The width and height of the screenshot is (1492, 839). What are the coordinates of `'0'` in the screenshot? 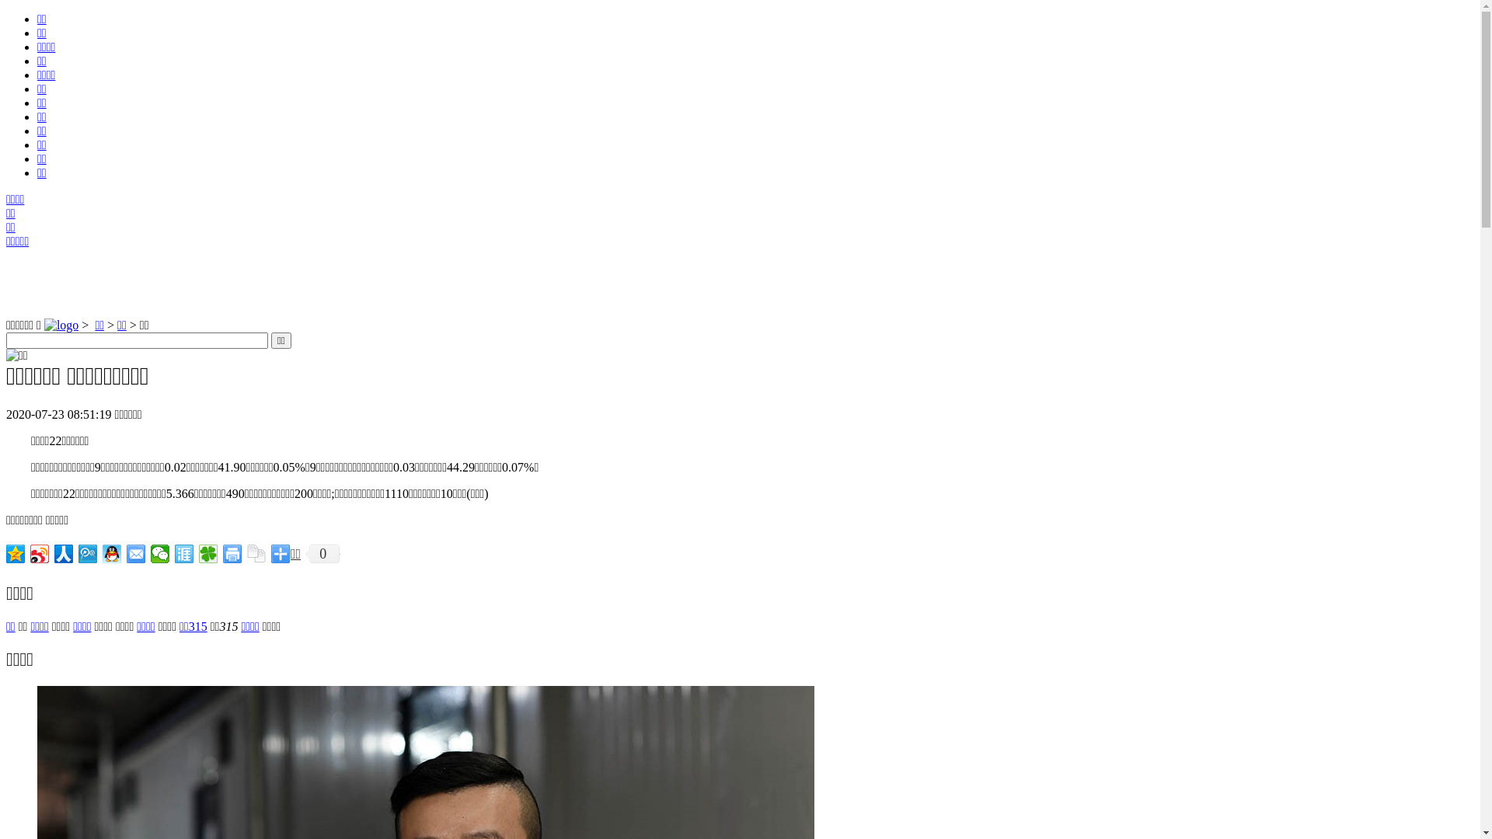 It's located at (305, 553).